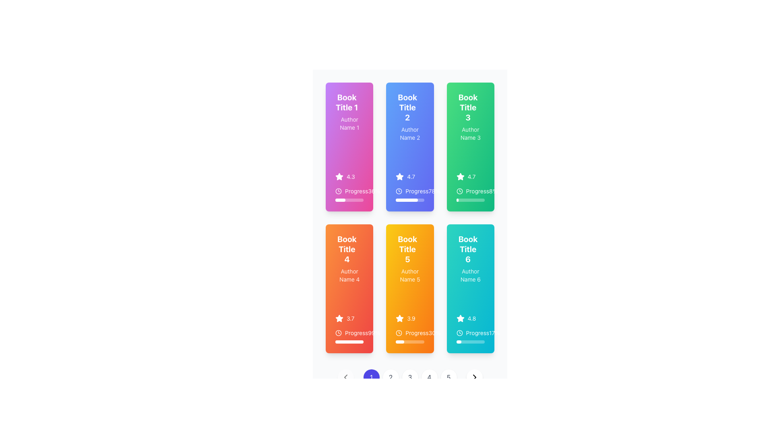  What do you see at coordinates (349, 187) in the screenshot?
I see `the Progress Indicator located in the bottom-left region of the card titled 'Book Title 1' authored by 'Author Name 1', which visually indicates the completion percentage of the task or book` at bounding box center [349, 187].